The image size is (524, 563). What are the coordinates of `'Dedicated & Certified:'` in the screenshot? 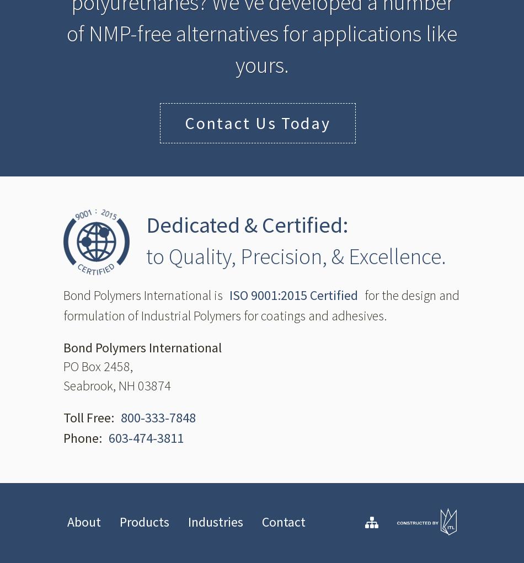 It's located at (247, 224).